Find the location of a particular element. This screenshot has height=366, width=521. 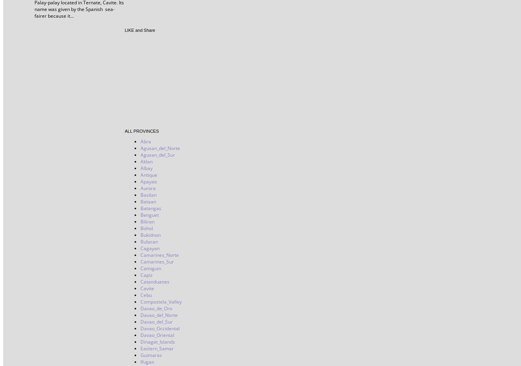

'Davao_Occidental' is located at coordinates (140, 328).